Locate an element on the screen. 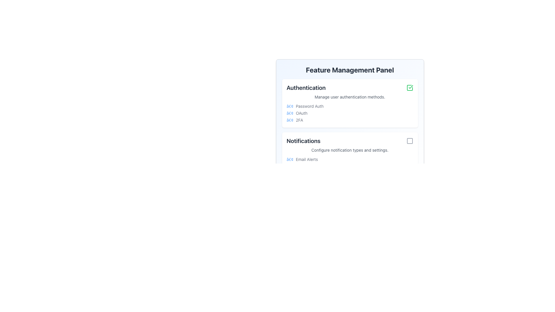 The width and height of the screenshot is (555, 312). the interactive checkbox that indicates the selection of the 'Authentication' section is located at coordinates (409, 88).